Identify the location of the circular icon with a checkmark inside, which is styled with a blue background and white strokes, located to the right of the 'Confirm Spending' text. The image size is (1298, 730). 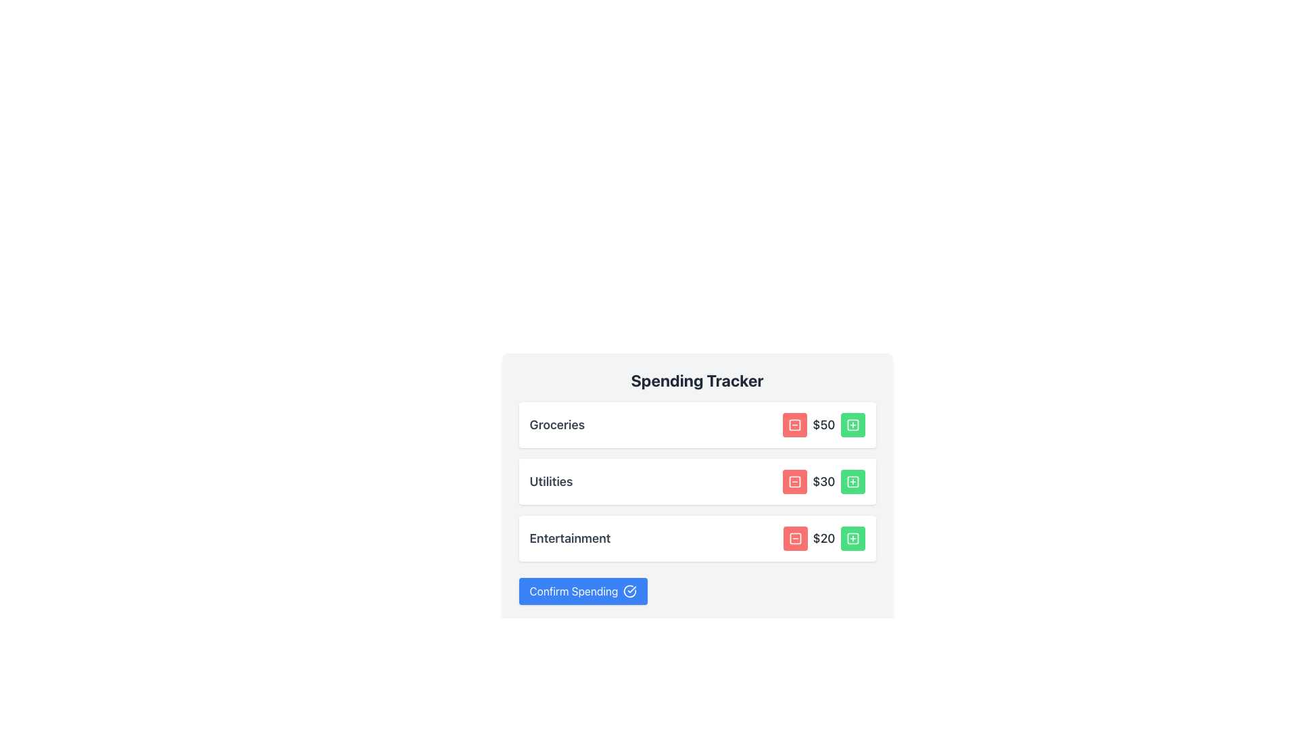
(629, 591).